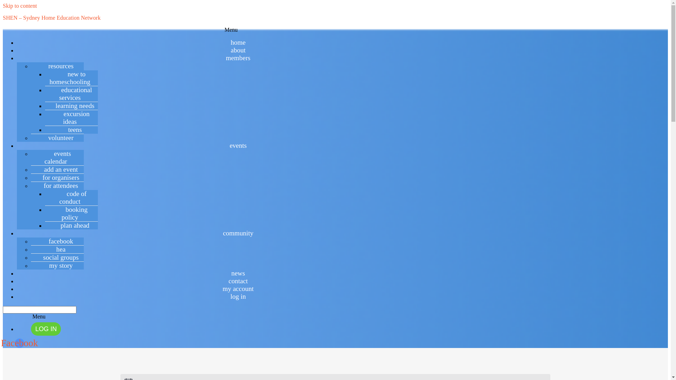  What do you see at coordinates (57, 157) in the screenshot?
I see `'events calendar'` at bounding box center [57, 157].